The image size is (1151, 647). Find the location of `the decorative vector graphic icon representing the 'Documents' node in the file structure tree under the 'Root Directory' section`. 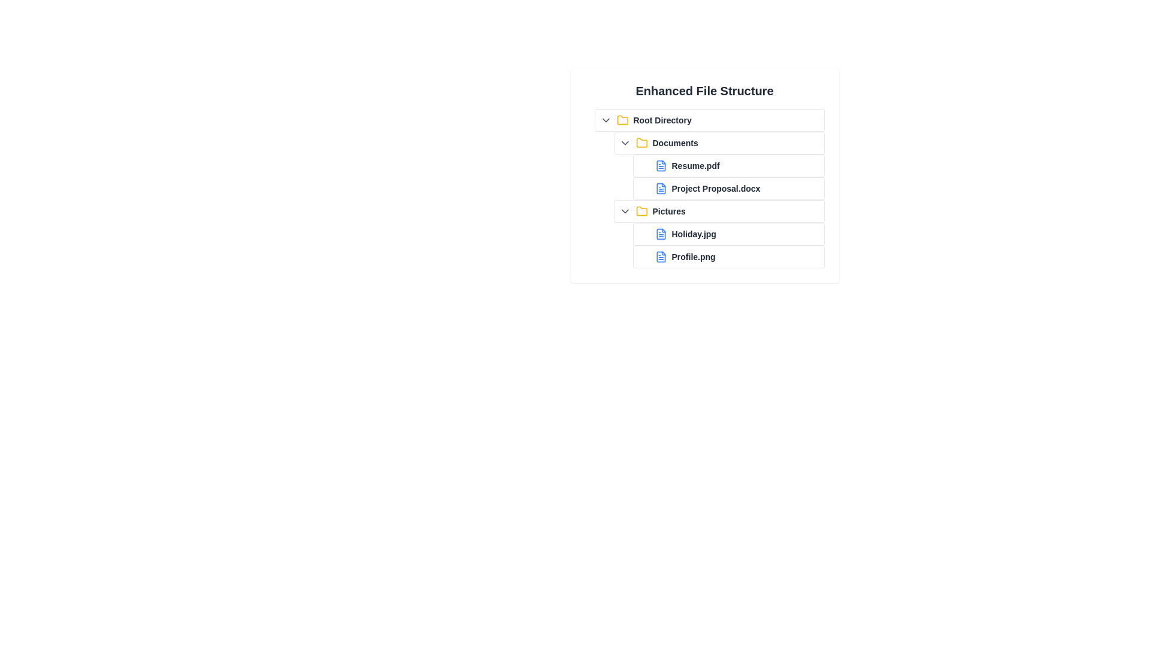

the decorative vector graphic icon representing the 'Documents' node in the file structure tree under the 'Root Directory' section is located at coordinates (641, 142).